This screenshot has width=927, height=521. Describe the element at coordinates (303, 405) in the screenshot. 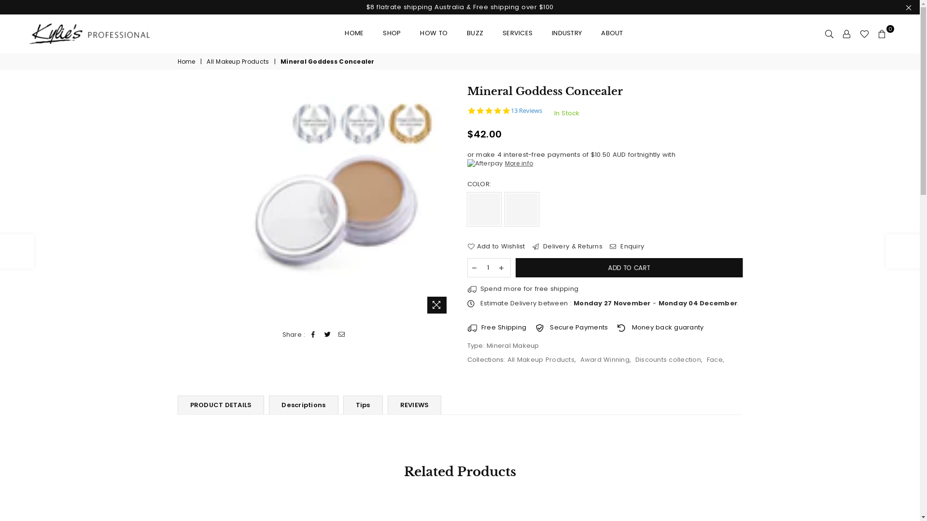

I see `'Descriptions'` at that location.